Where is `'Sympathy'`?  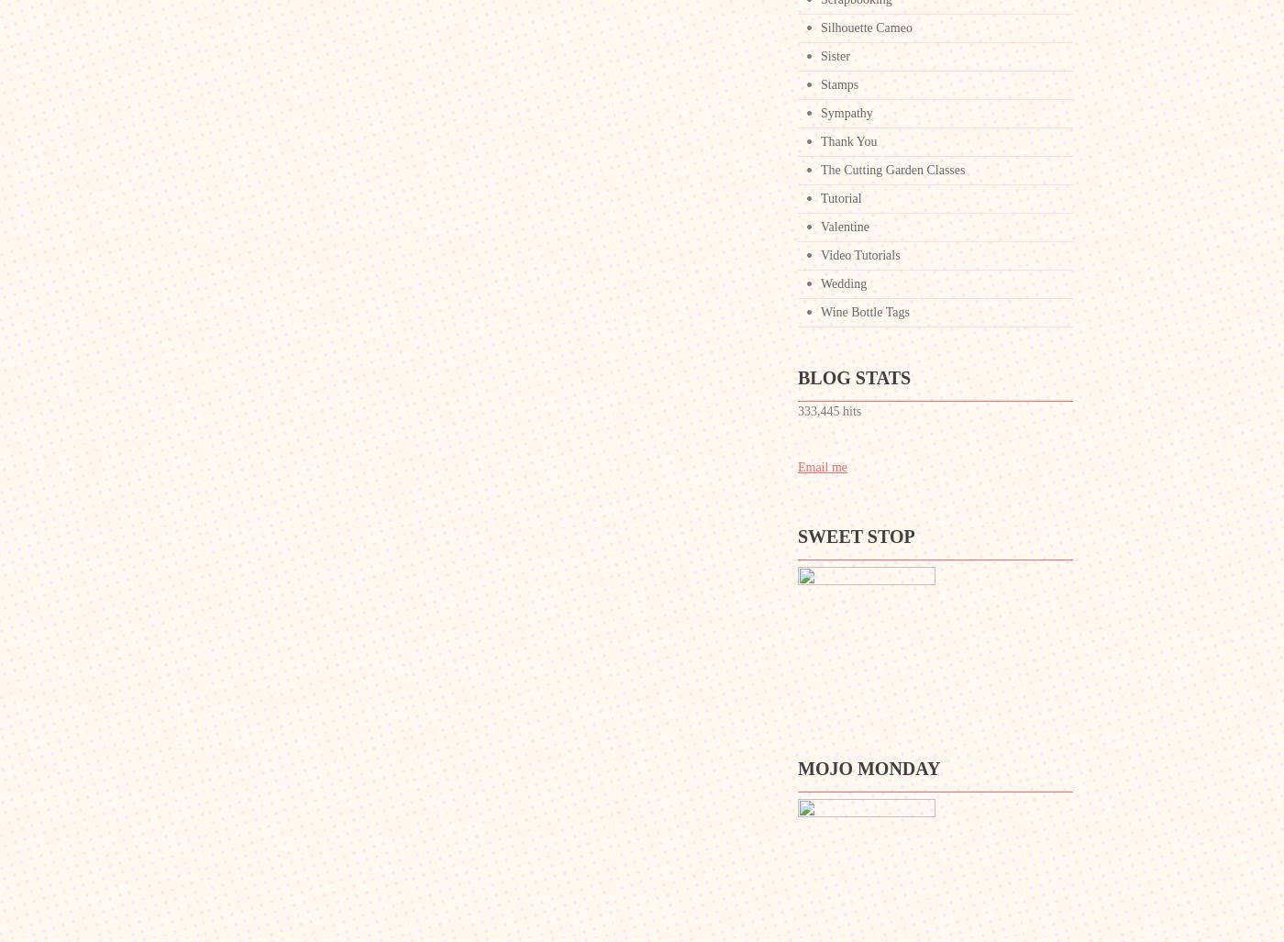 'Sympathy' is located at coordinates (820, 113).